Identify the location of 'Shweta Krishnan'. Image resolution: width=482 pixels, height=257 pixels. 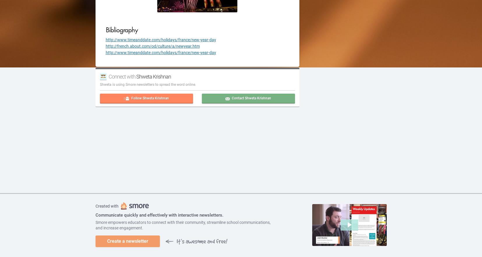
(153, 76).